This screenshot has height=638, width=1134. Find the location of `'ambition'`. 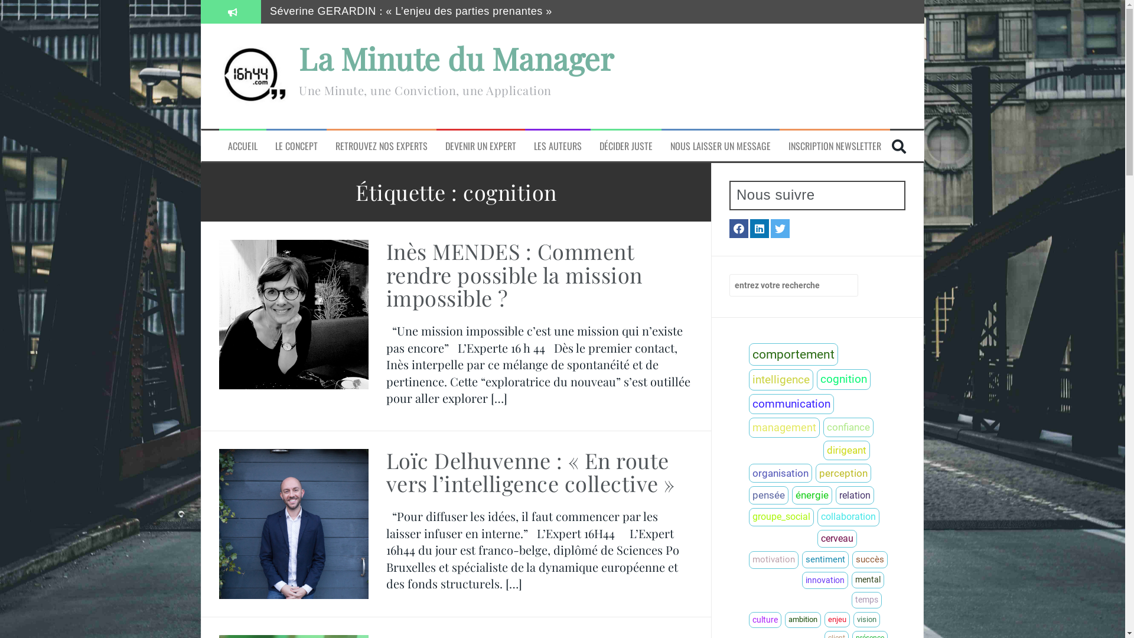

'ambition' is located at coordinates (803, 619).